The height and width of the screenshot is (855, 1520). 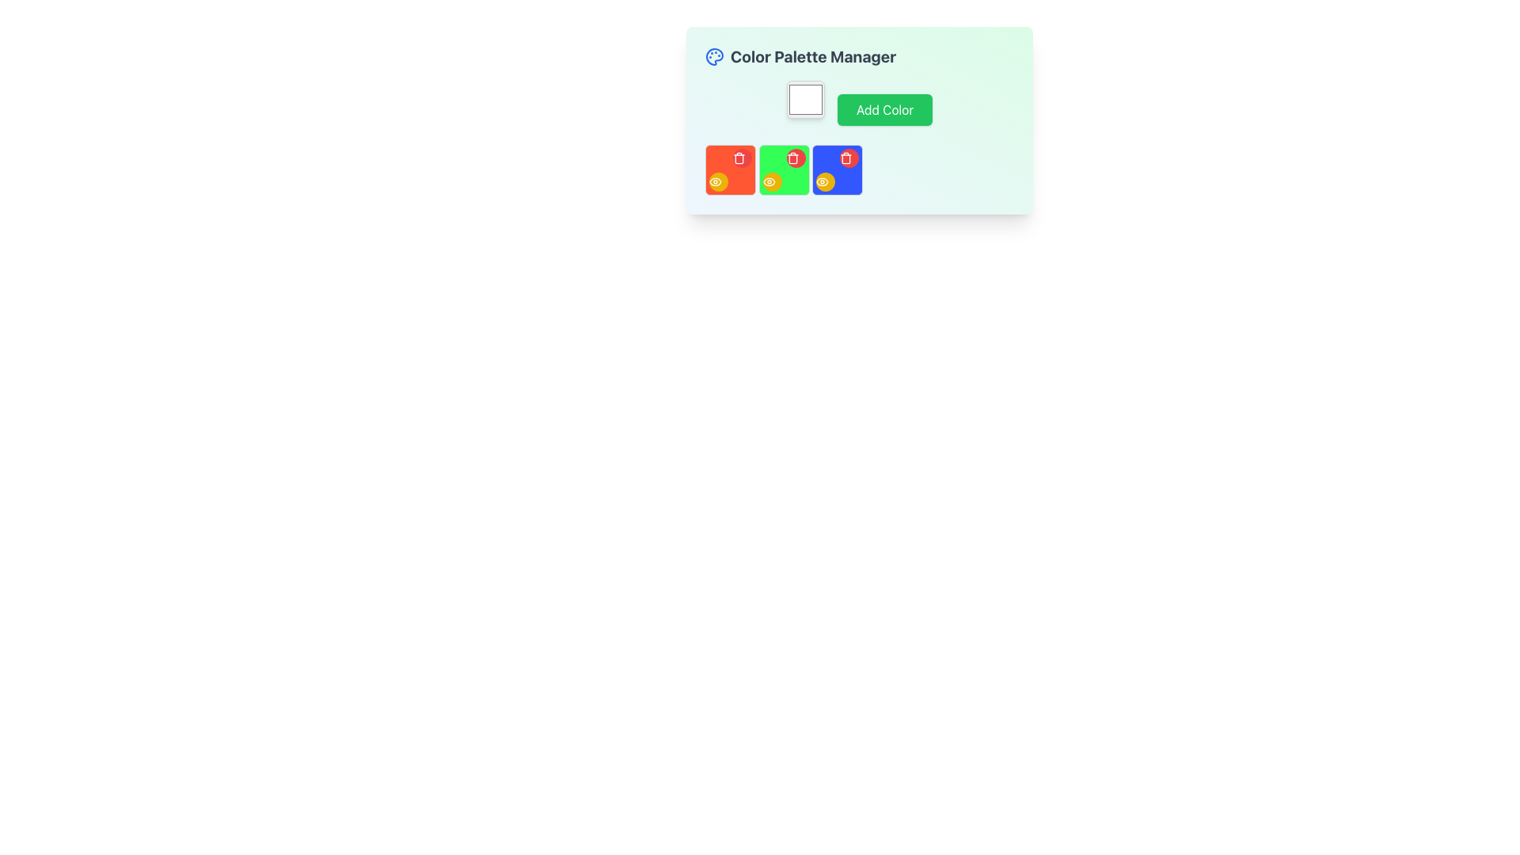 I want to click on the Color Picker, which is a square with a white fill and a gray border, so click(x=805, y=100).